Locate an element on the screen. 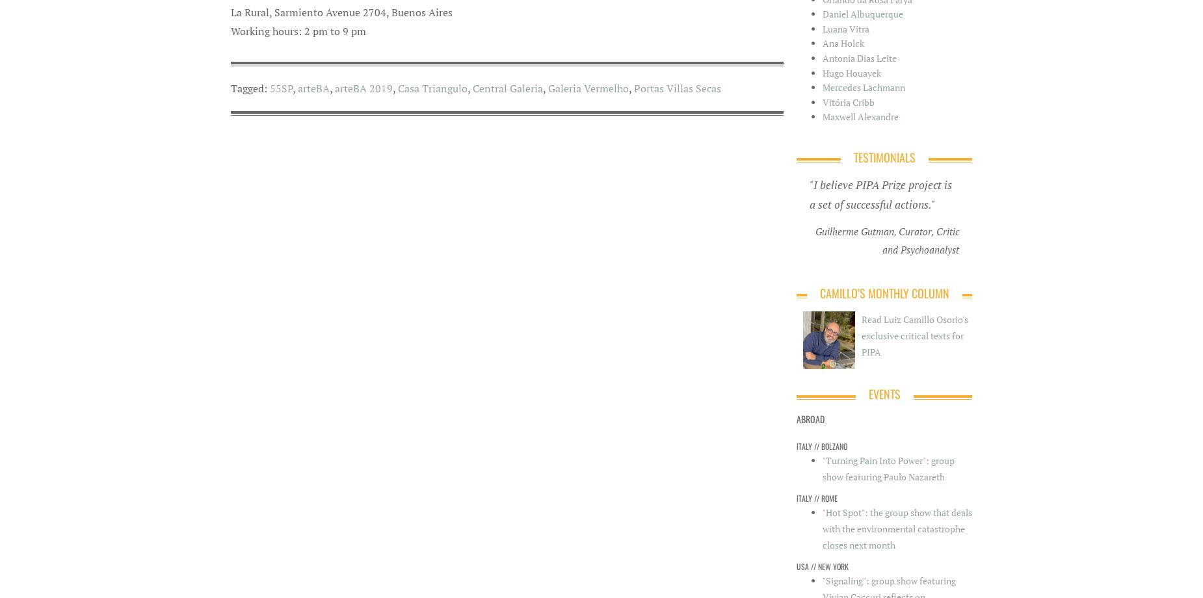 The height and width of the screenshot is (598, 1203). 'Casa Triangulo' is located at coordinates (432, 86).